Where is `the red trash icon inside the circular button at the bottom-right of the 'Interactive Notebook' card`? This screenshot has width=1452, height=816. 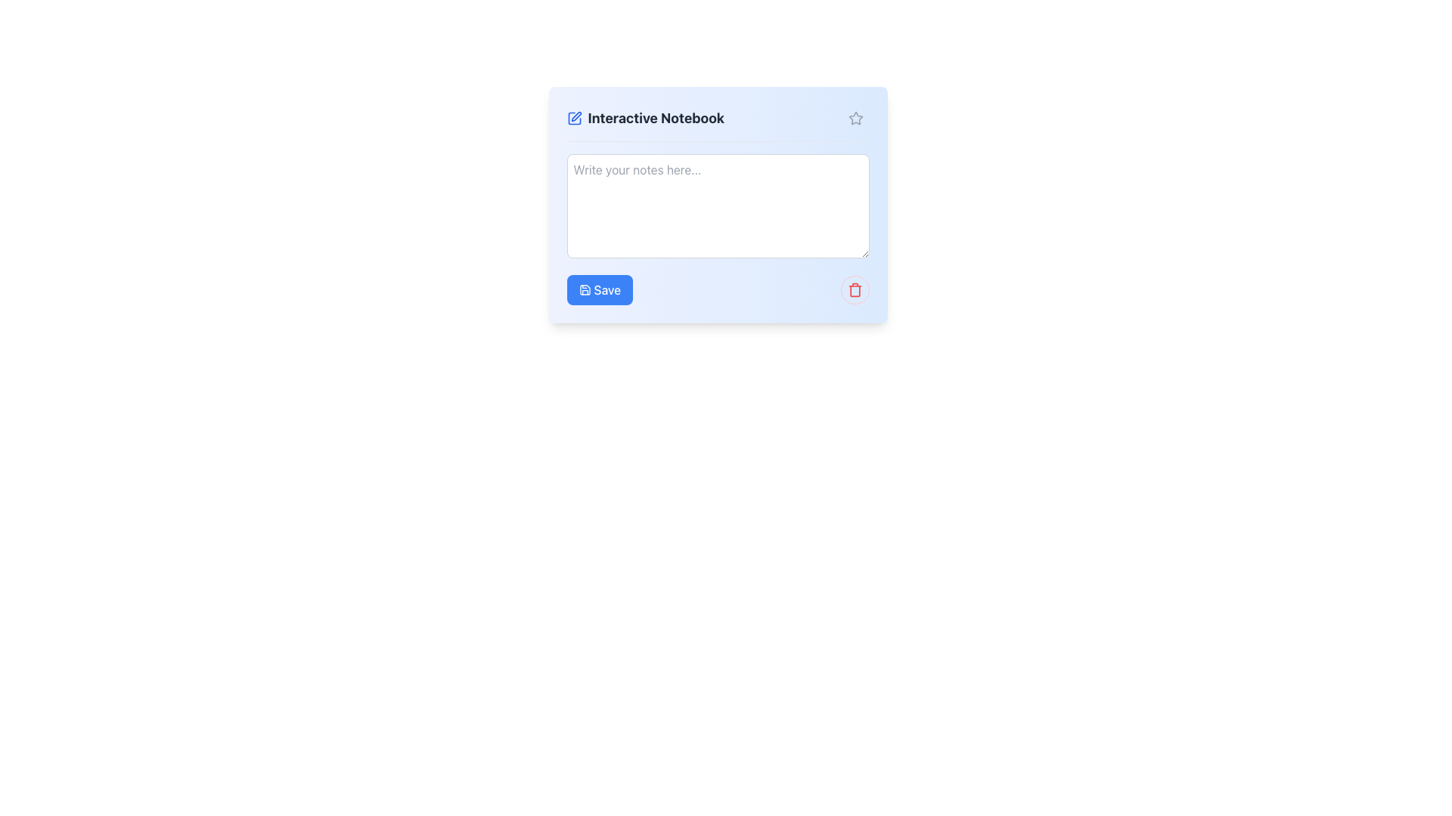
the red trash icon inside the circular button at the bottom-right of the 'Interactive Notebook' card is located at coordinates (855, 290).